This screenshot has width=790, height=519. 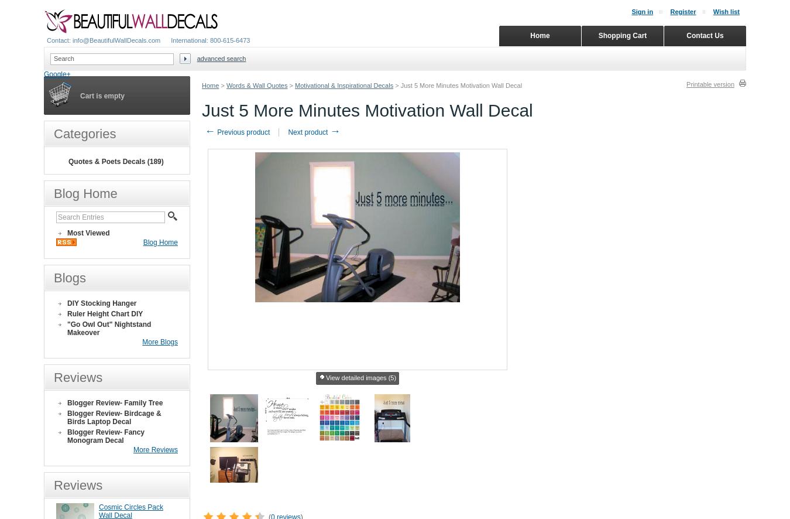 I want to click on 'More Reviews', so click(x=132, y=449).